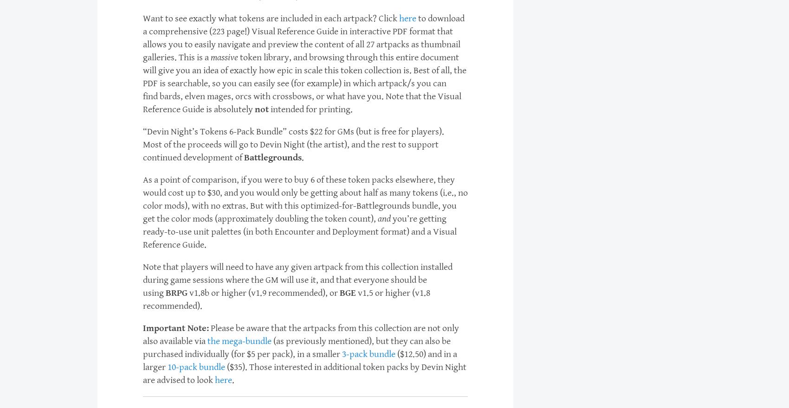  I want to click on 'intended for printing.', so click(310, 109).